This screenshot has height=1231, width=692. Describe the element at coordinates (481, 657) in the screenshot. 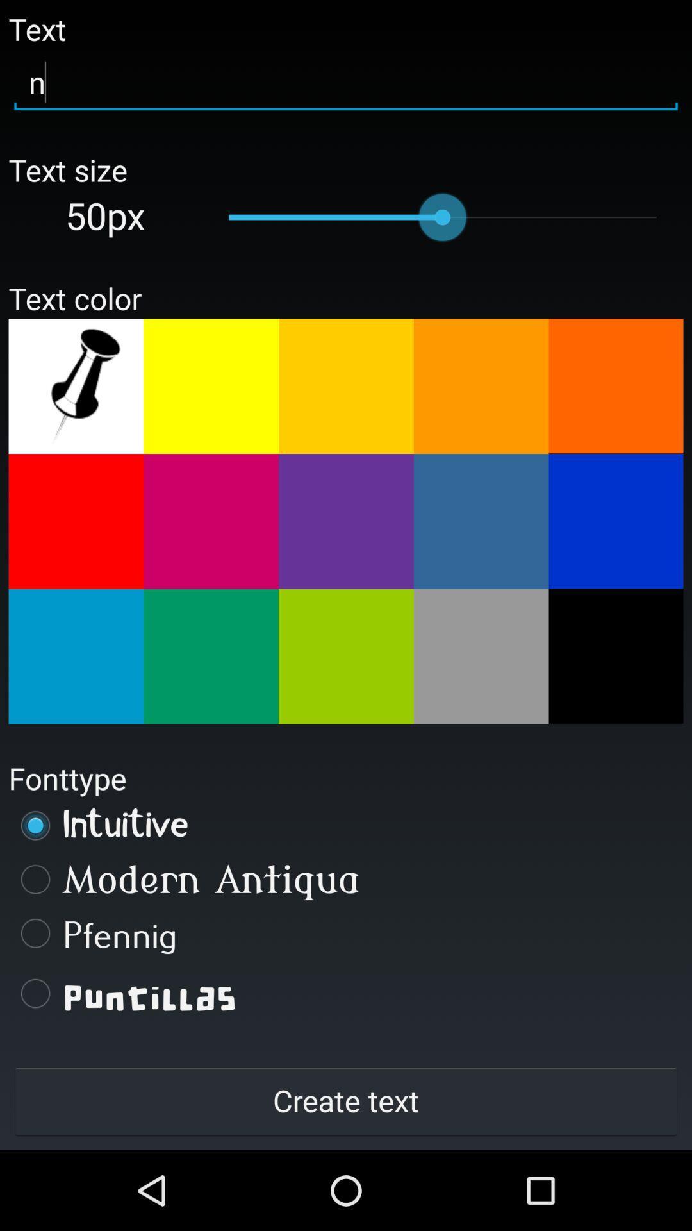

I see `choose gray text color` at that location.